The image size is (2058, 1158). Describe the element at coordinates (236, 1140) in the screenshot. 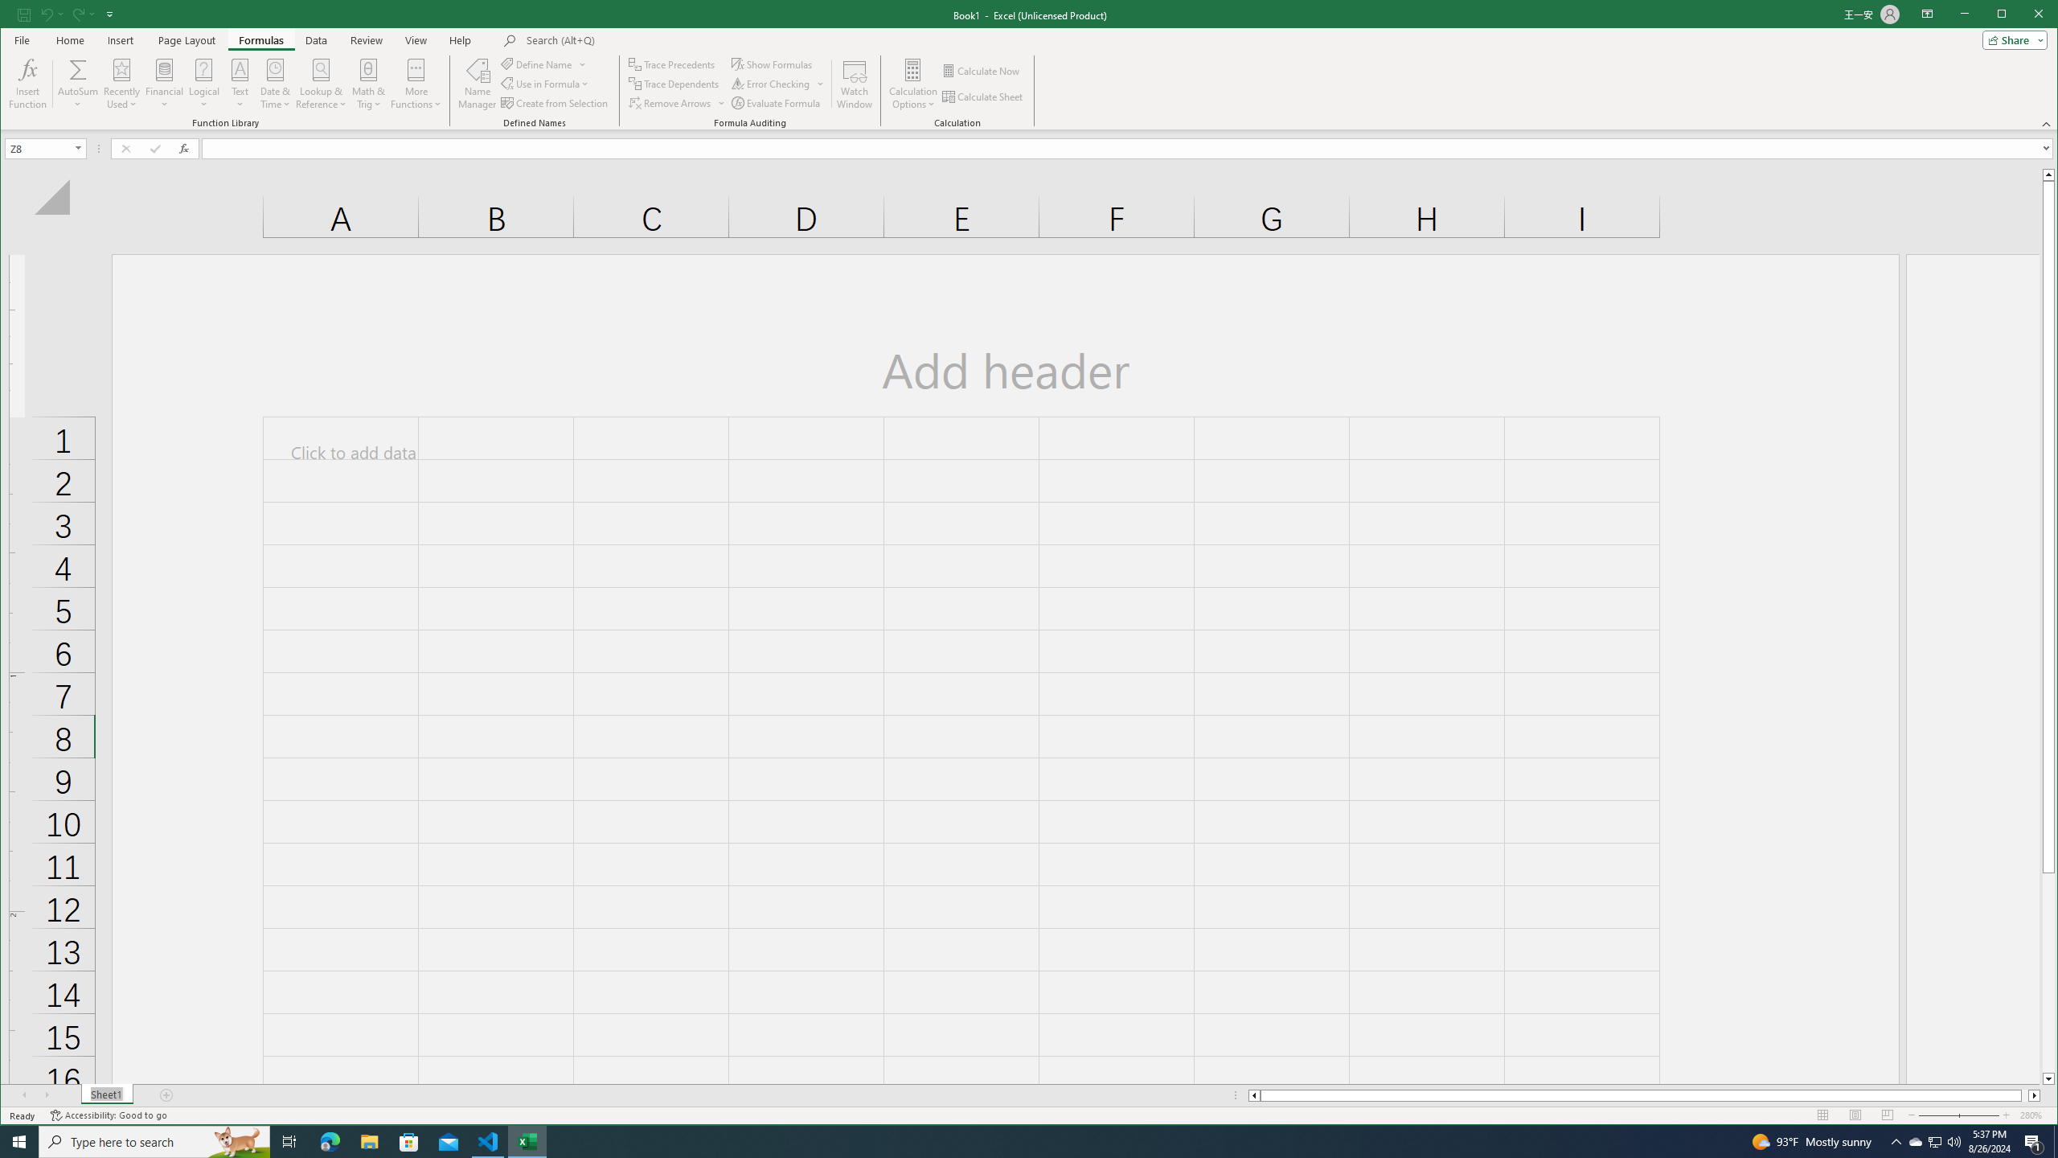

I see `'Search highlights icon opens search home window'` at that location.